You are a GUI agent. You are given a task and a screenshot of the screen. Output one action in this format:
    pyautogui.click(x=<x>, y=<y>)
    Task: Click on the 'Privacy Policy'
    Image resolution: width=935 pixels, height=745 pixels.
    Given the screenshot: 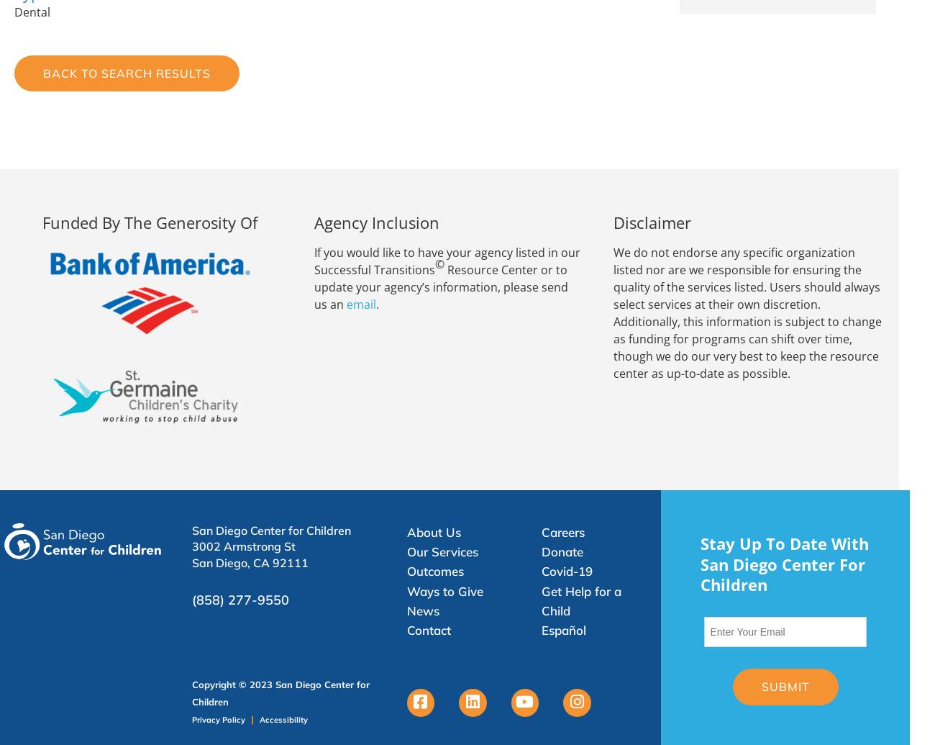 What is the action you would take?
    pyautogui.click(x=190, y=718)
    